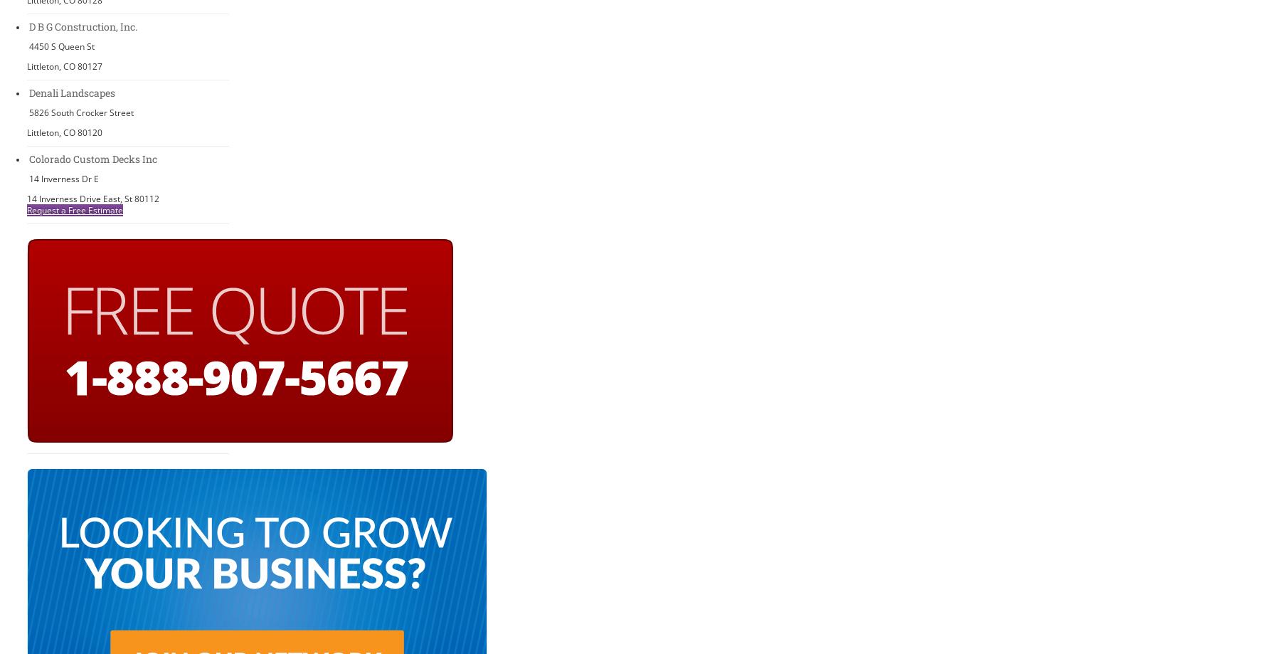 The height and width of the screenshot is (654, 1267). What do you see at coordinates (28, 158) in the screenshot?
I see `'Colorado Custom Decks Inc'` at bounding box center [28, 158].